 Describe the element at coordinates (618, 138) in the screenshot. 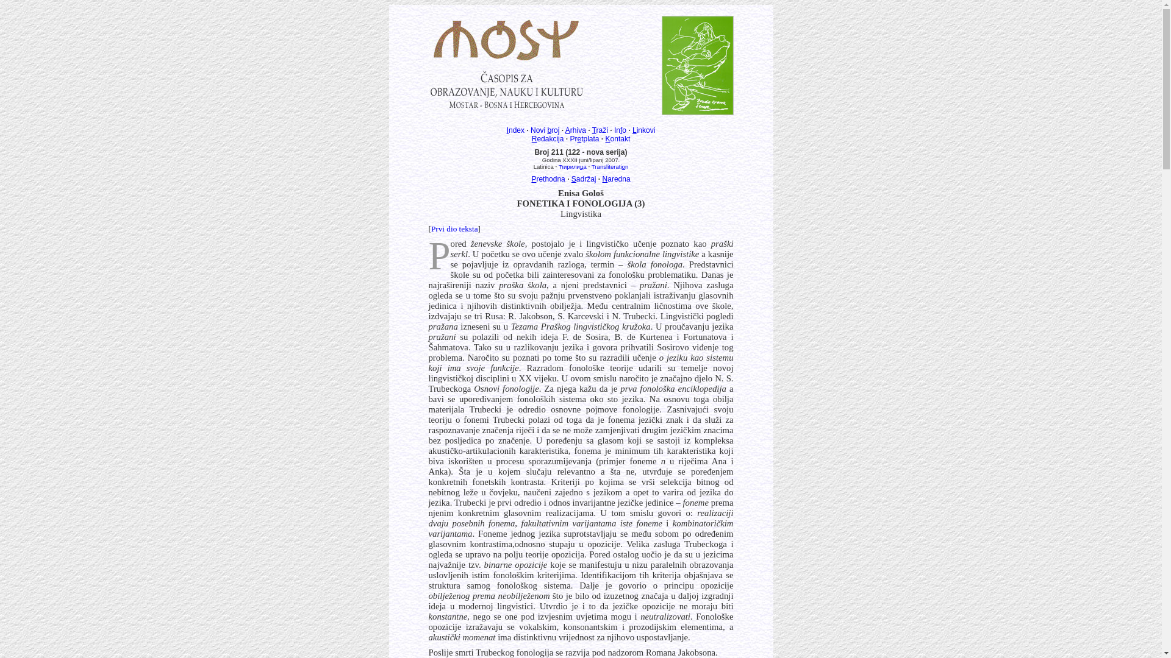

I see `'Kontakt'` at that location.